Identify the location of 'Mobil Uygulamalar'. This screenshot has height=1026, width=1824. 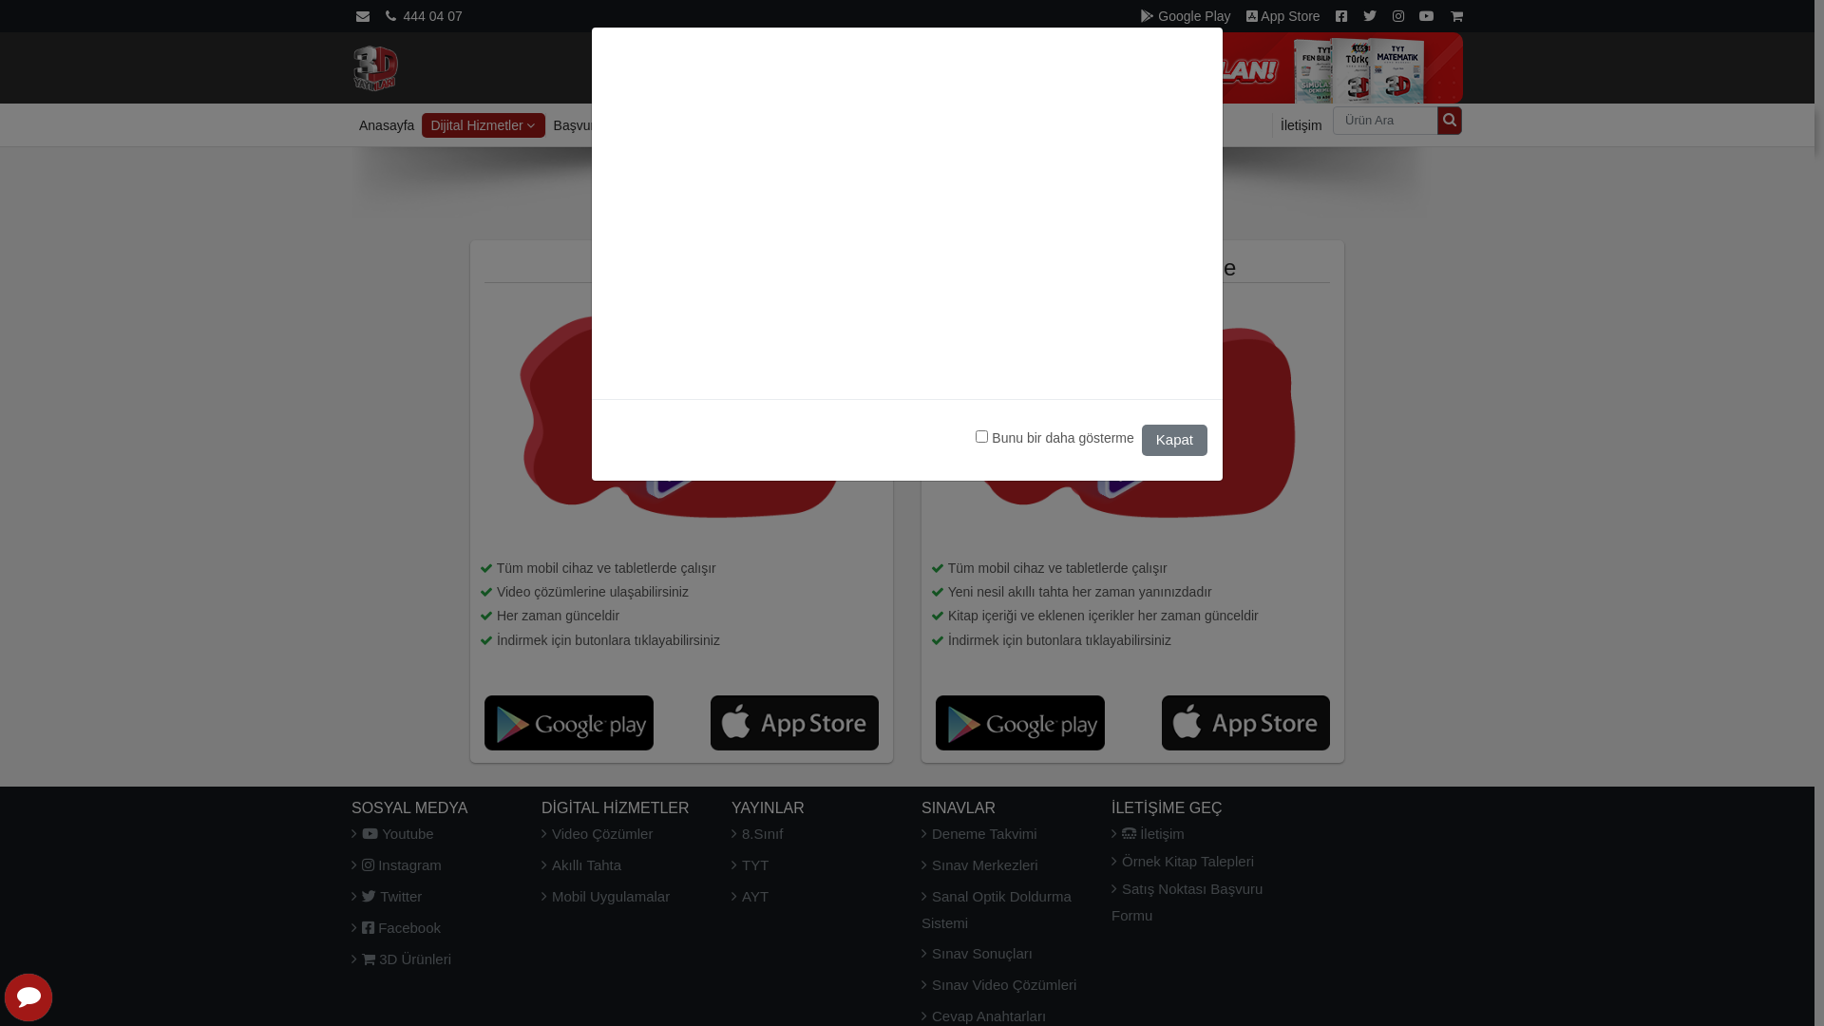
(604, 896).